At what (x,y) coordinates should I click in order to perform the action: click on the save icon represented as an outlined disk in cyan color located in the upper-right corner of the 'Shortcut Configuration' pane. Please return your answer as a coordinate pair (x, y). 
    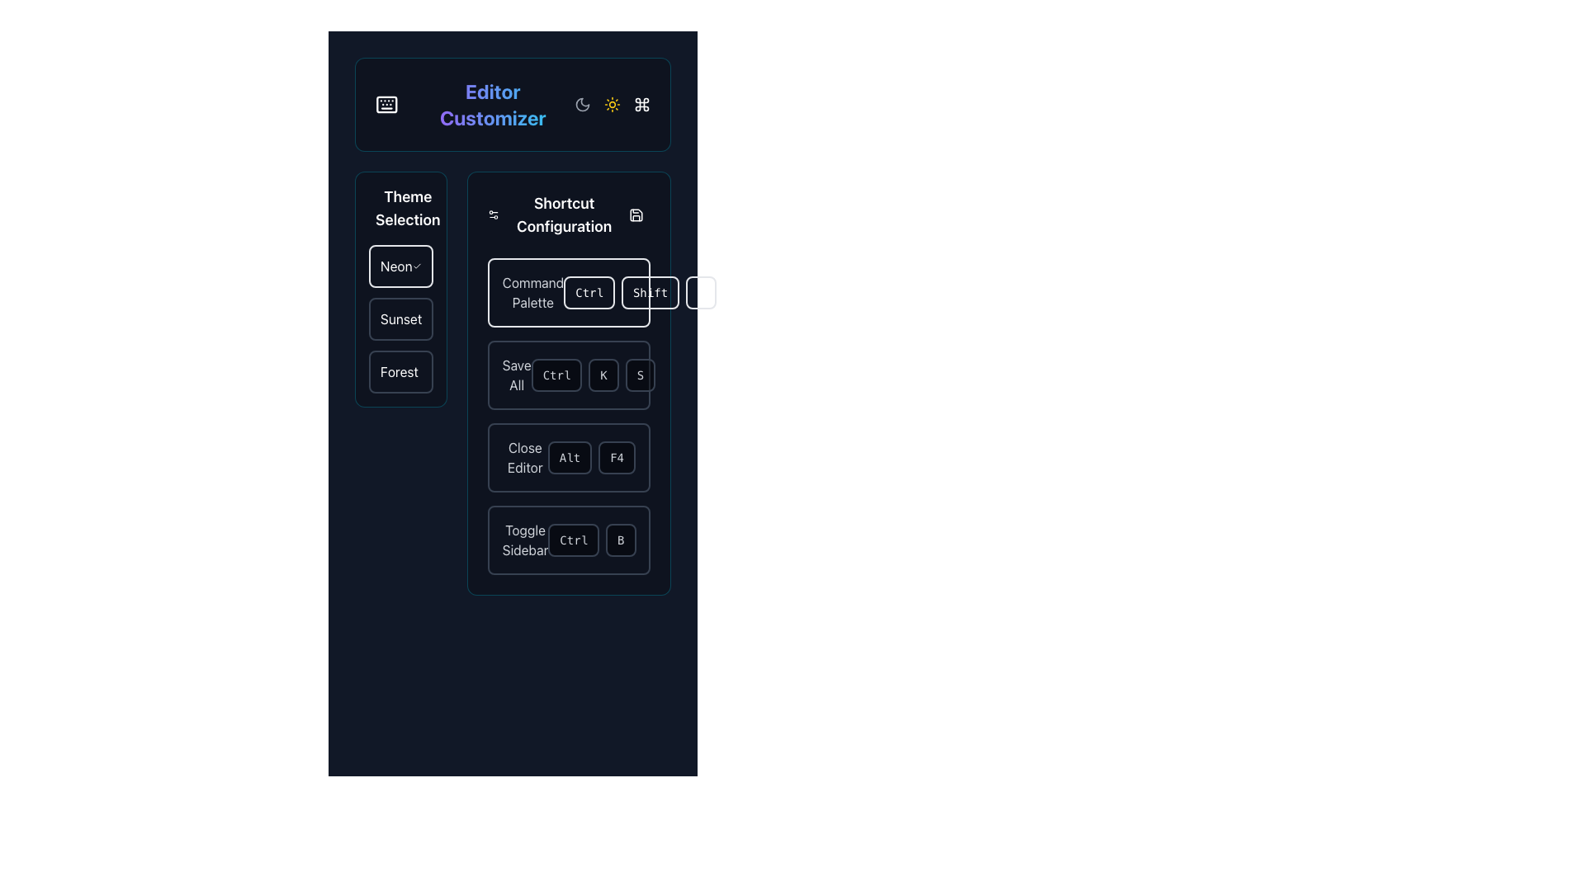
    Looking at the image, I should click on (636, 214).